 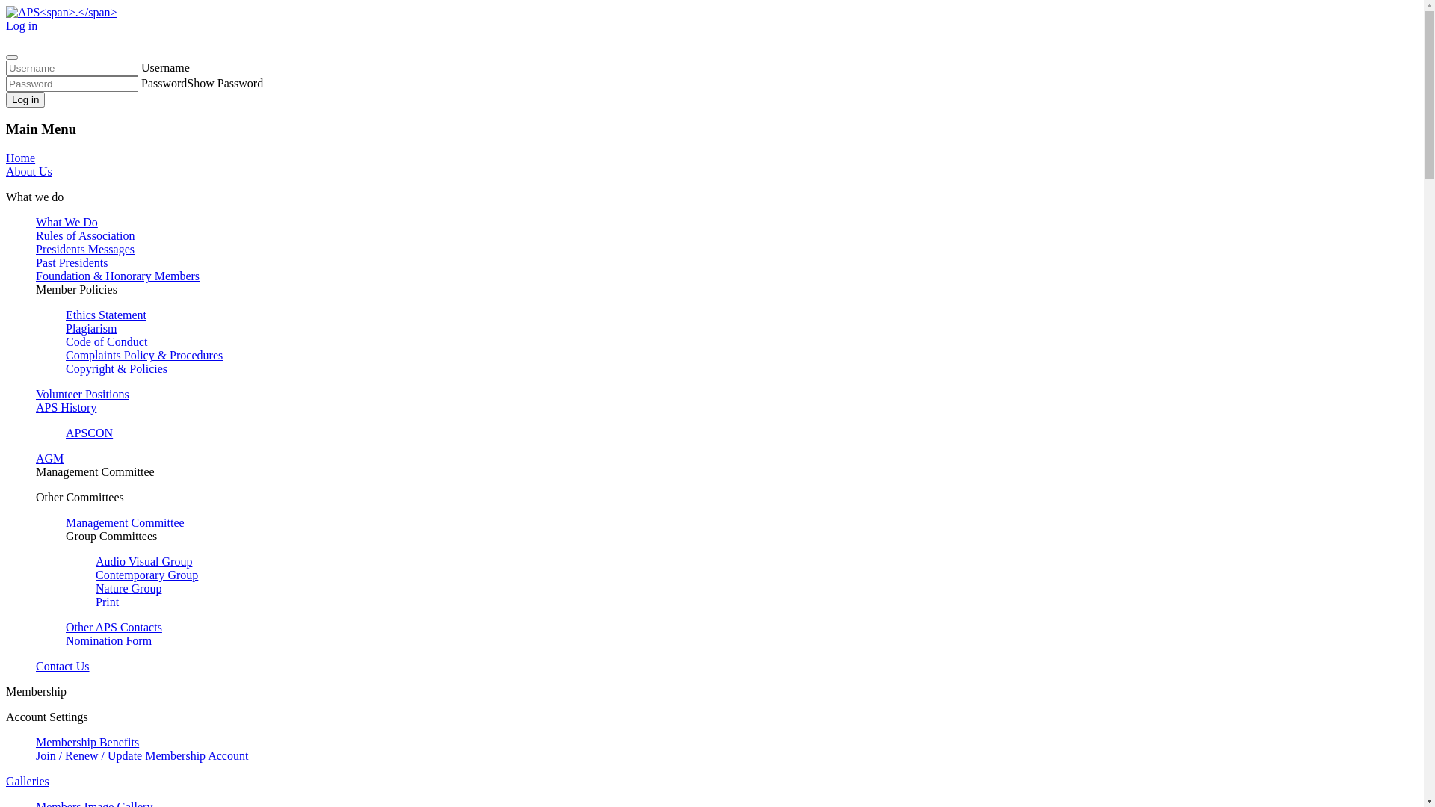 What do you see at coordinates (49, 457) in the screenshot?
I see `'AGM'` at bounding box center [49, 457].